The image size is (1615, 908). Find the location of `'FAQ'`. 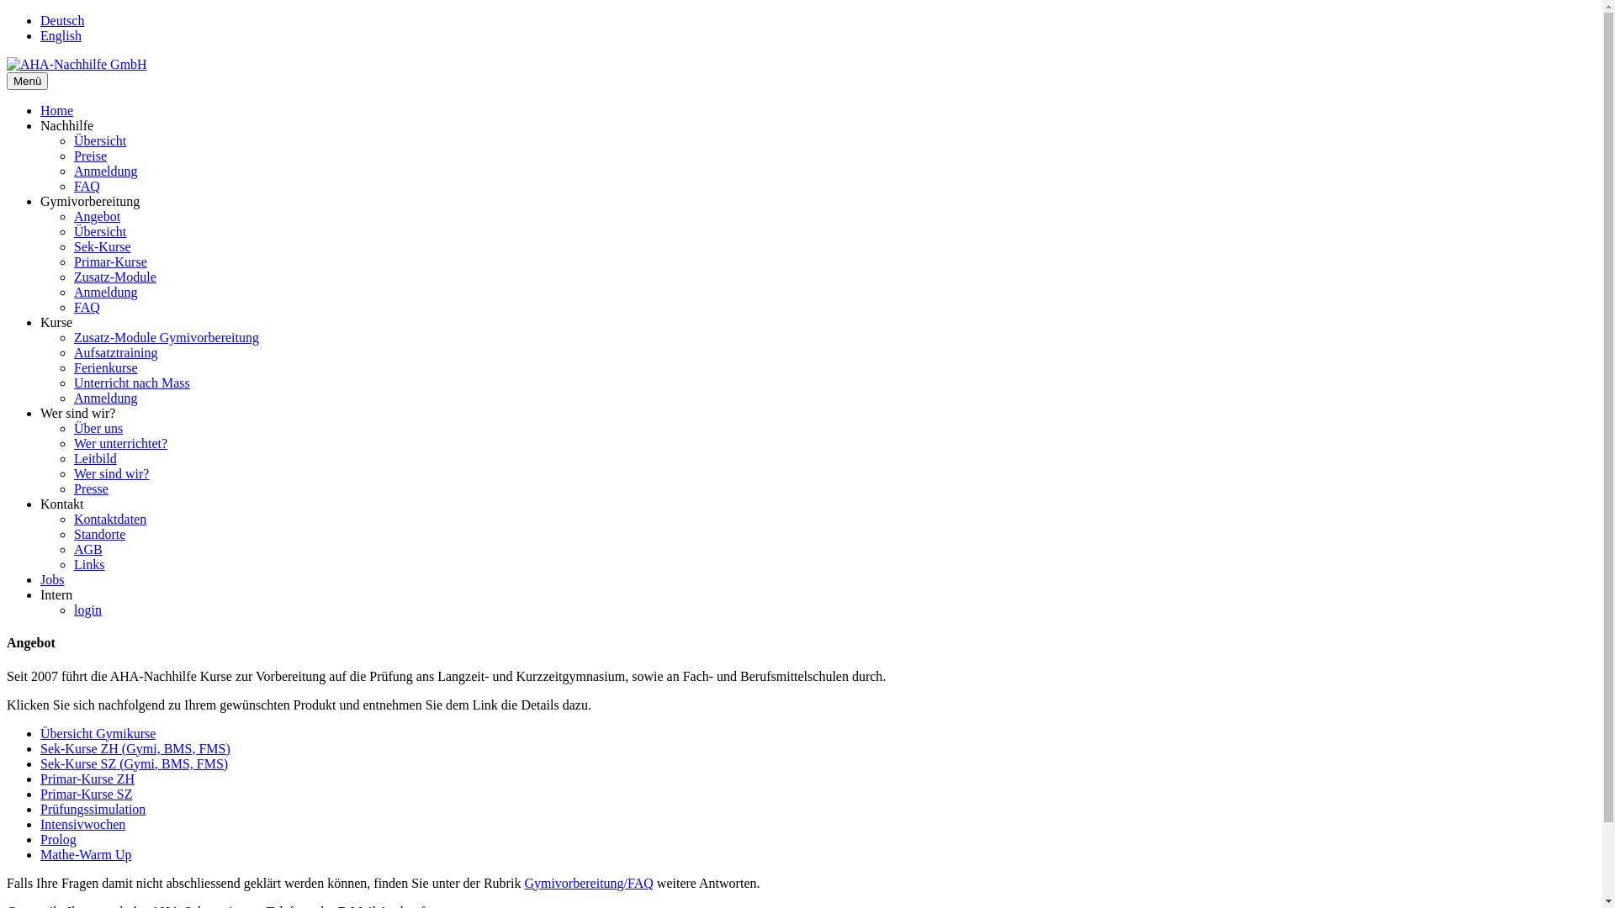

'FAQ' is located at coordinates (86, 186).